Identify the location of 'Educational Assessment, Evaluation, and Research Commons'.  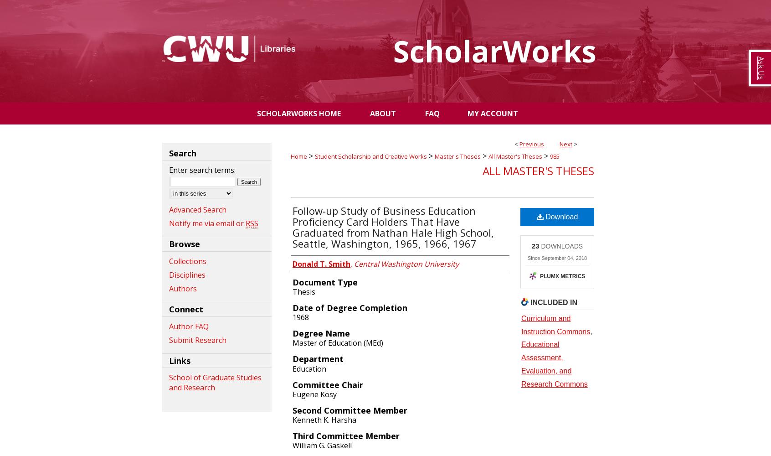
(554, 364).